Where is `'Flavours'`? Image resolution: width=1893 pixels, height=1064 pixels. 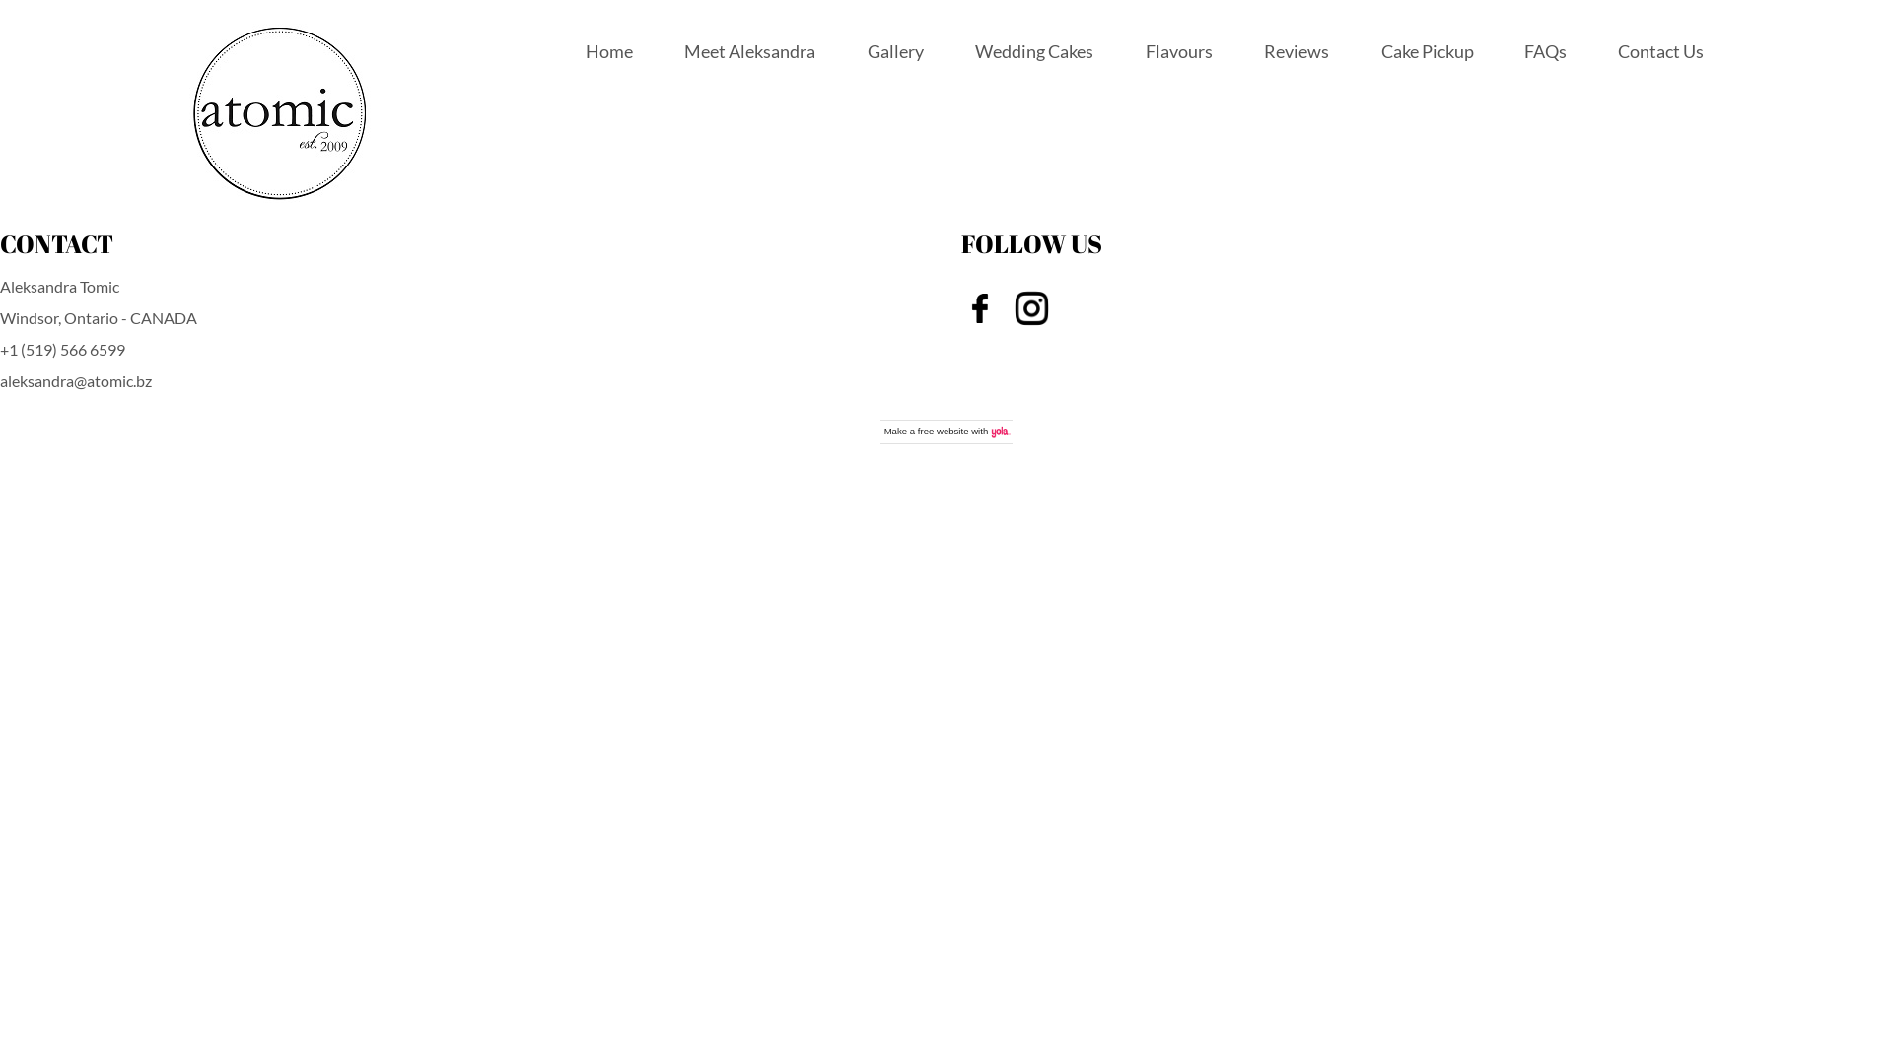
'Flavours' is located at coordinates (1178, 50).